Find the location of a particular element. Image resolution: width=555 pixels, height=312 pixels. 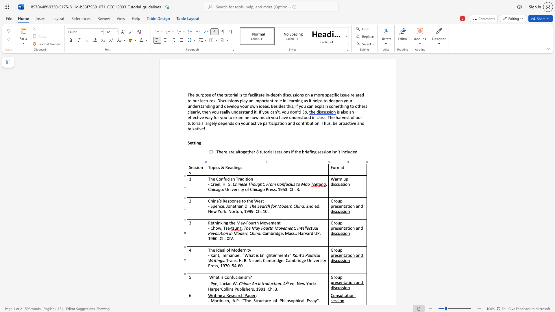

the 2th character "d" in the text is located at coordinates (332, 260).